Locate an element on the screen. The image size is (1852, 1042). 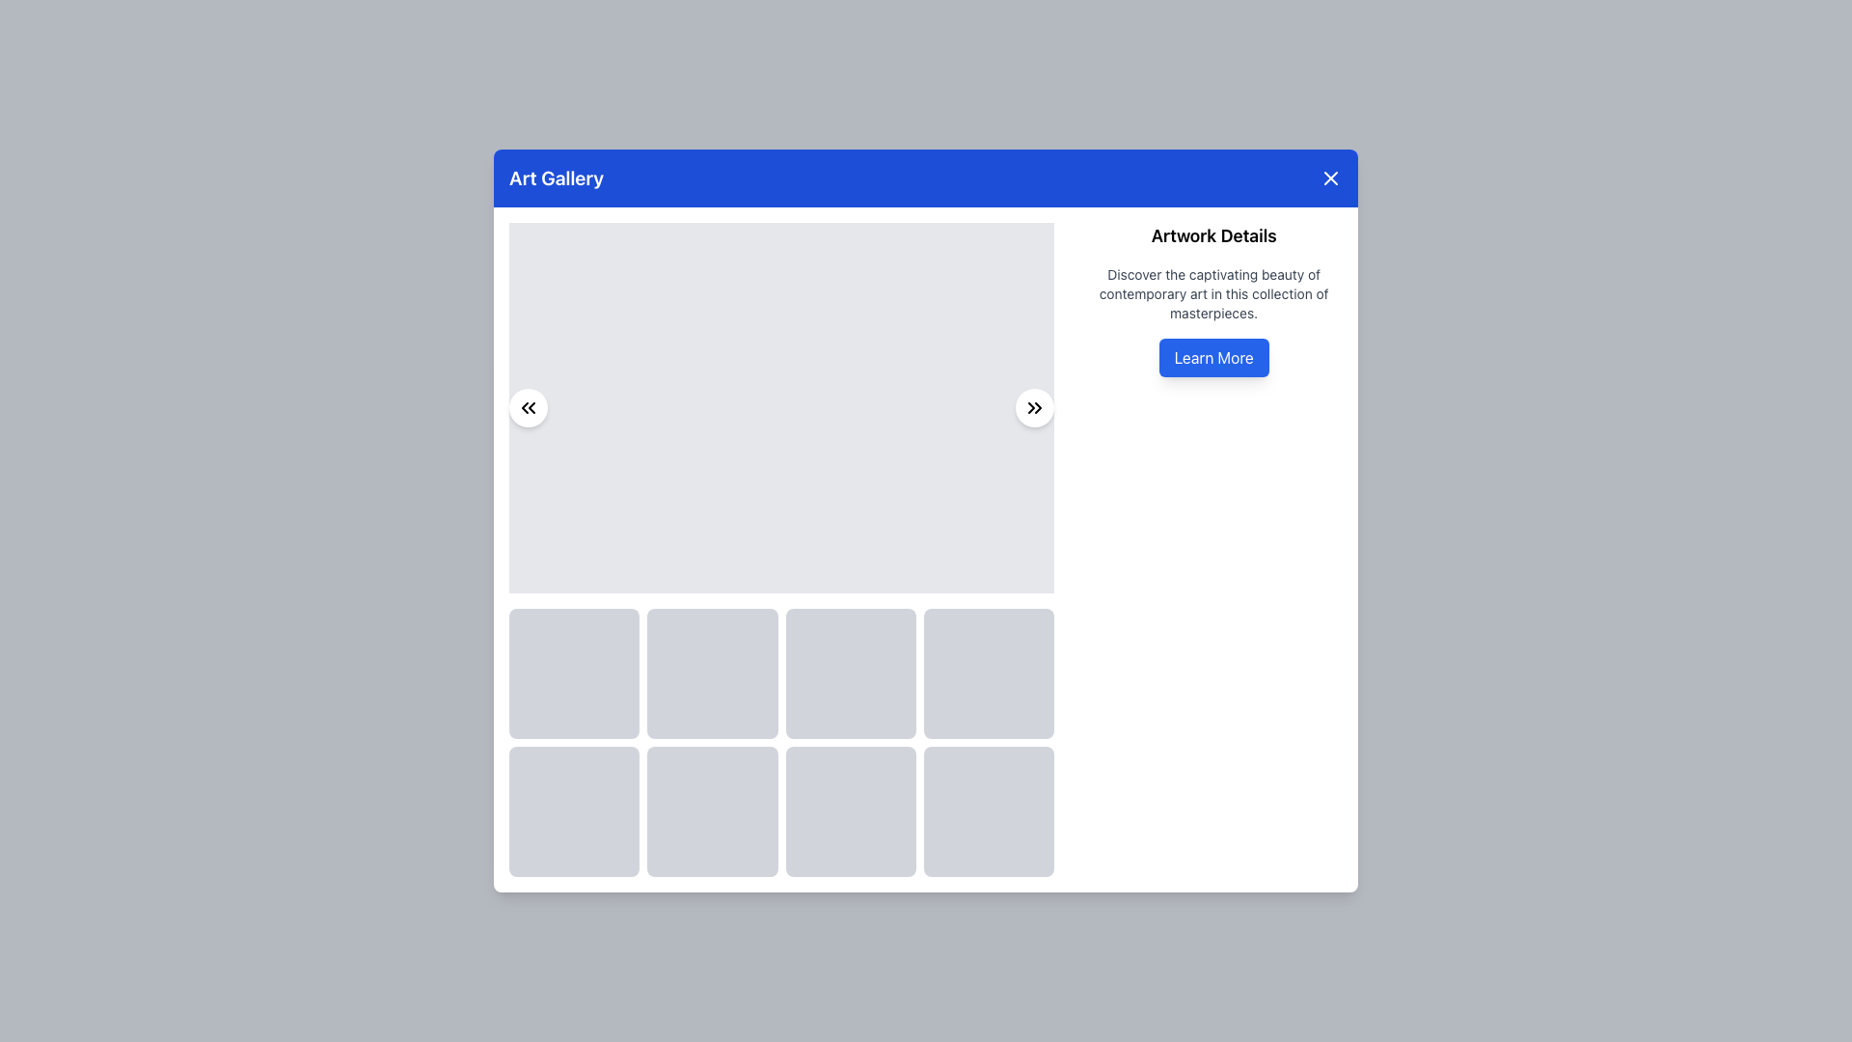
the 'X'-shaped close button icon located in the top-right corner of the blue header bar is located at coordinates (1330, 178).